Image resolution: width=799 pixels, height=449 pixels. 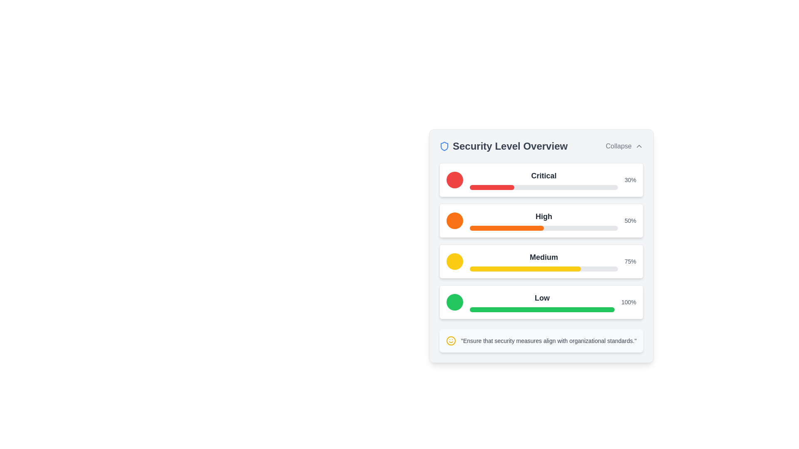 I want to click on the Status indicator widget, which is a white rectangular element with rounded corners, displaying a green circular icon, a filled green progress bar indicating 100%, and the label 'Low' above the bar, so click(x=541, y=302).